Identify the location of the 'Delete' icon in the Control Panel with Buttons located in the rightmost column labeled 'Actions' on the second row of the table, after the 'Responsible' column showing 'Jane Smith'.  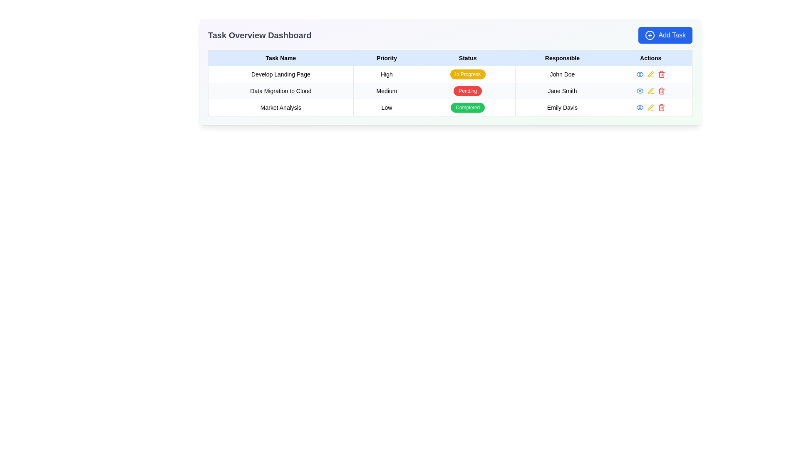
(650, 91).